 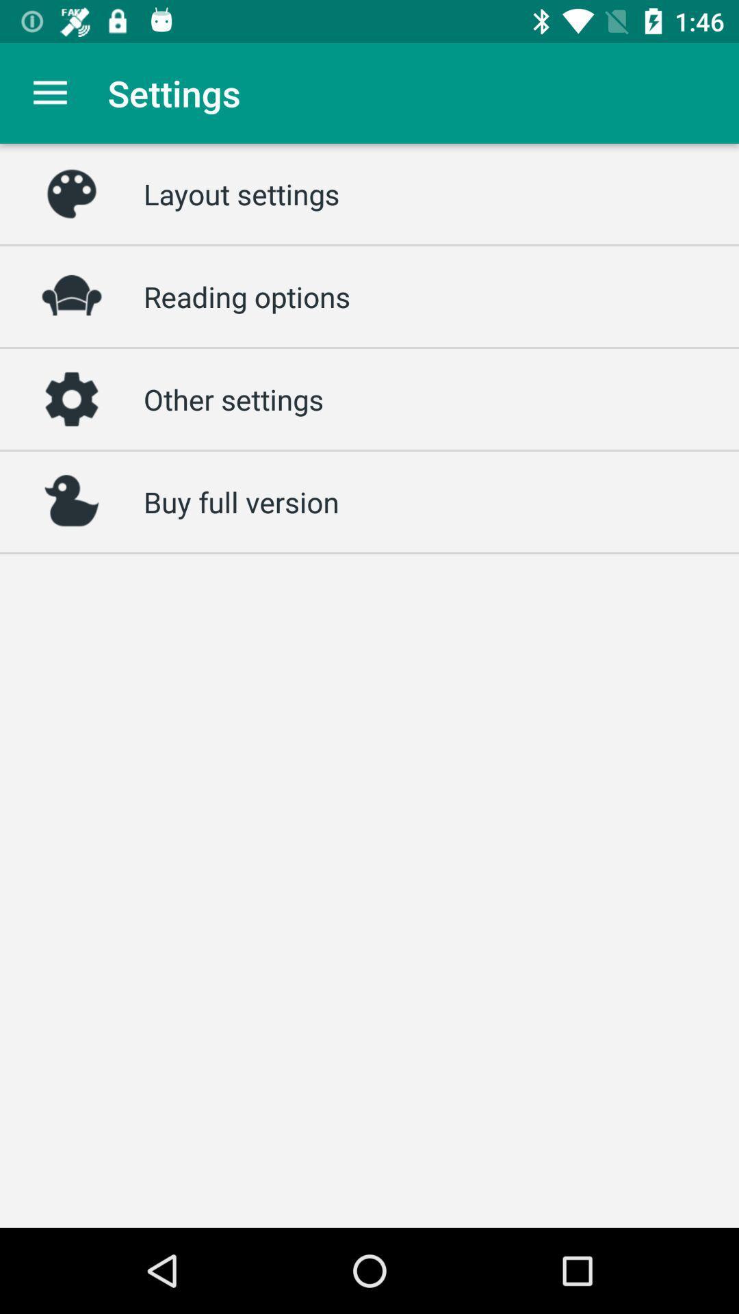 I want to click on icon below other settings icon, so click(x=240, y=501).